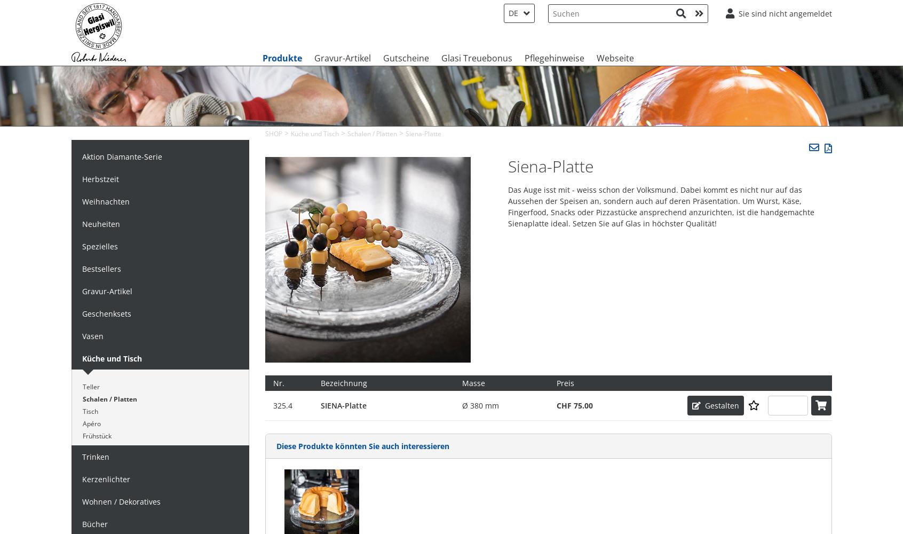  I want to click on 'Schalen / Platten', so click(109, 398).